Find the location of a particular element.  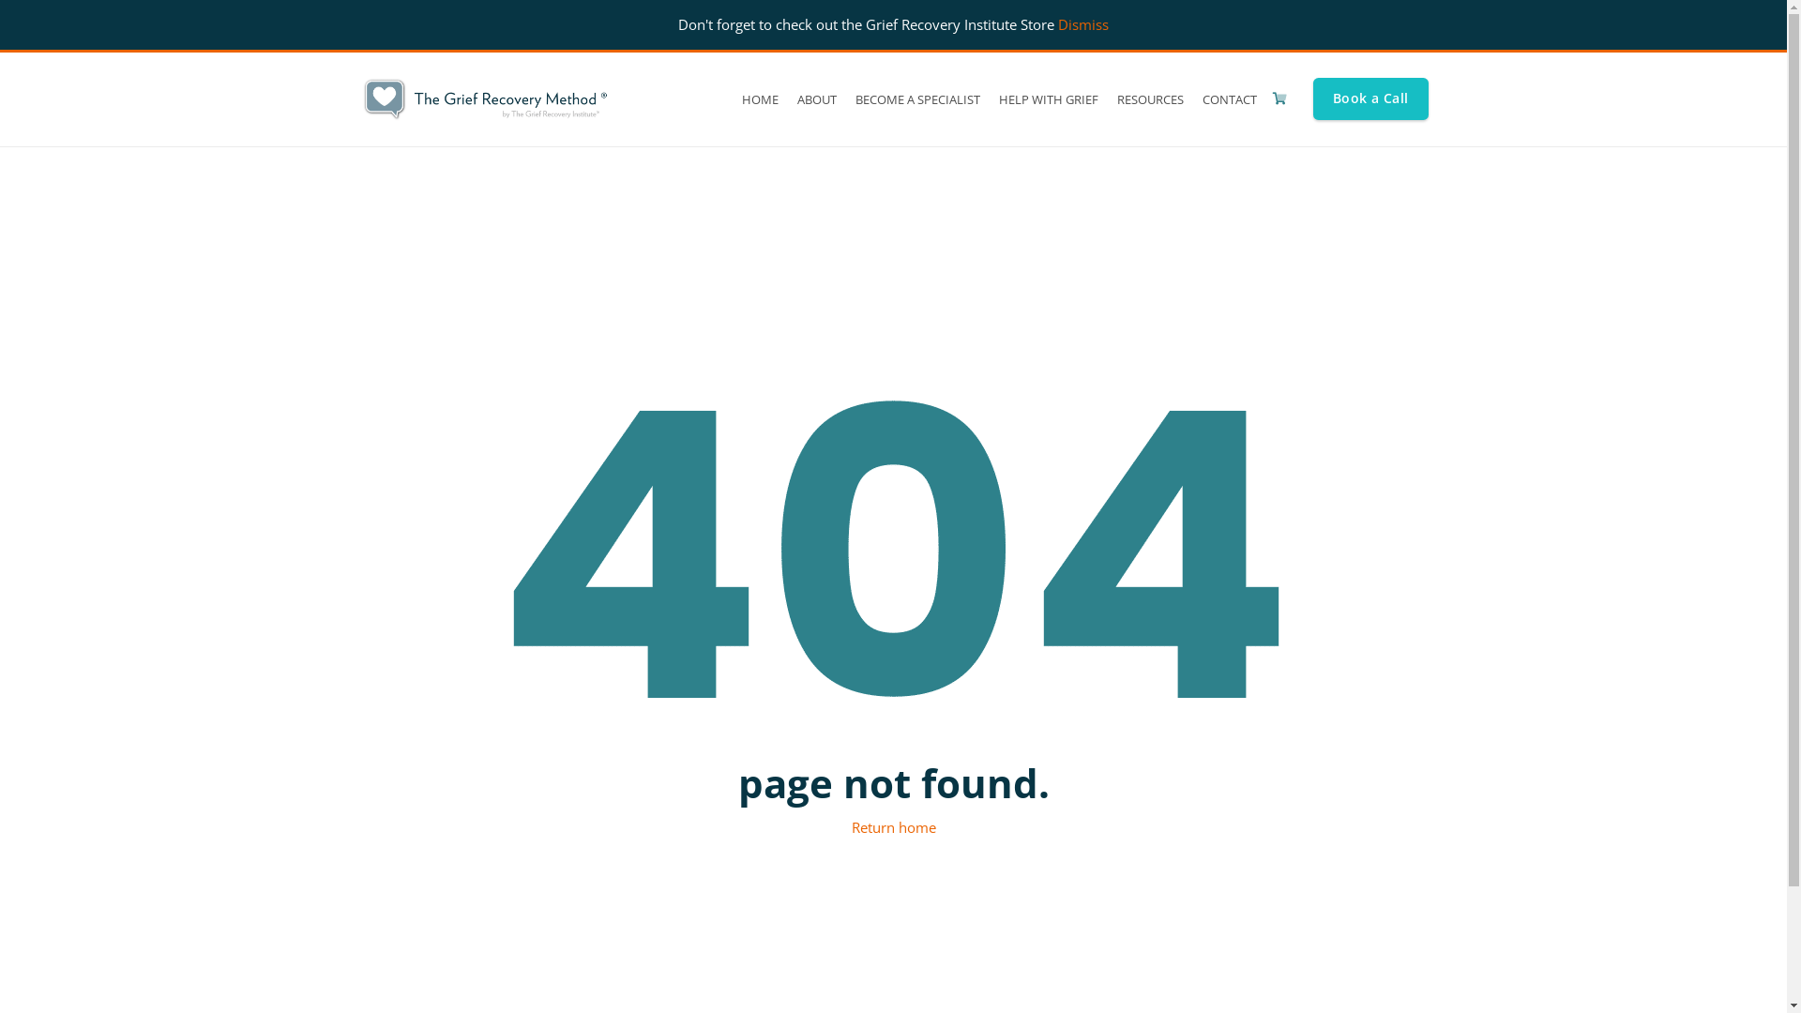

'Dismiss' is located at coordinates (1083, 24).